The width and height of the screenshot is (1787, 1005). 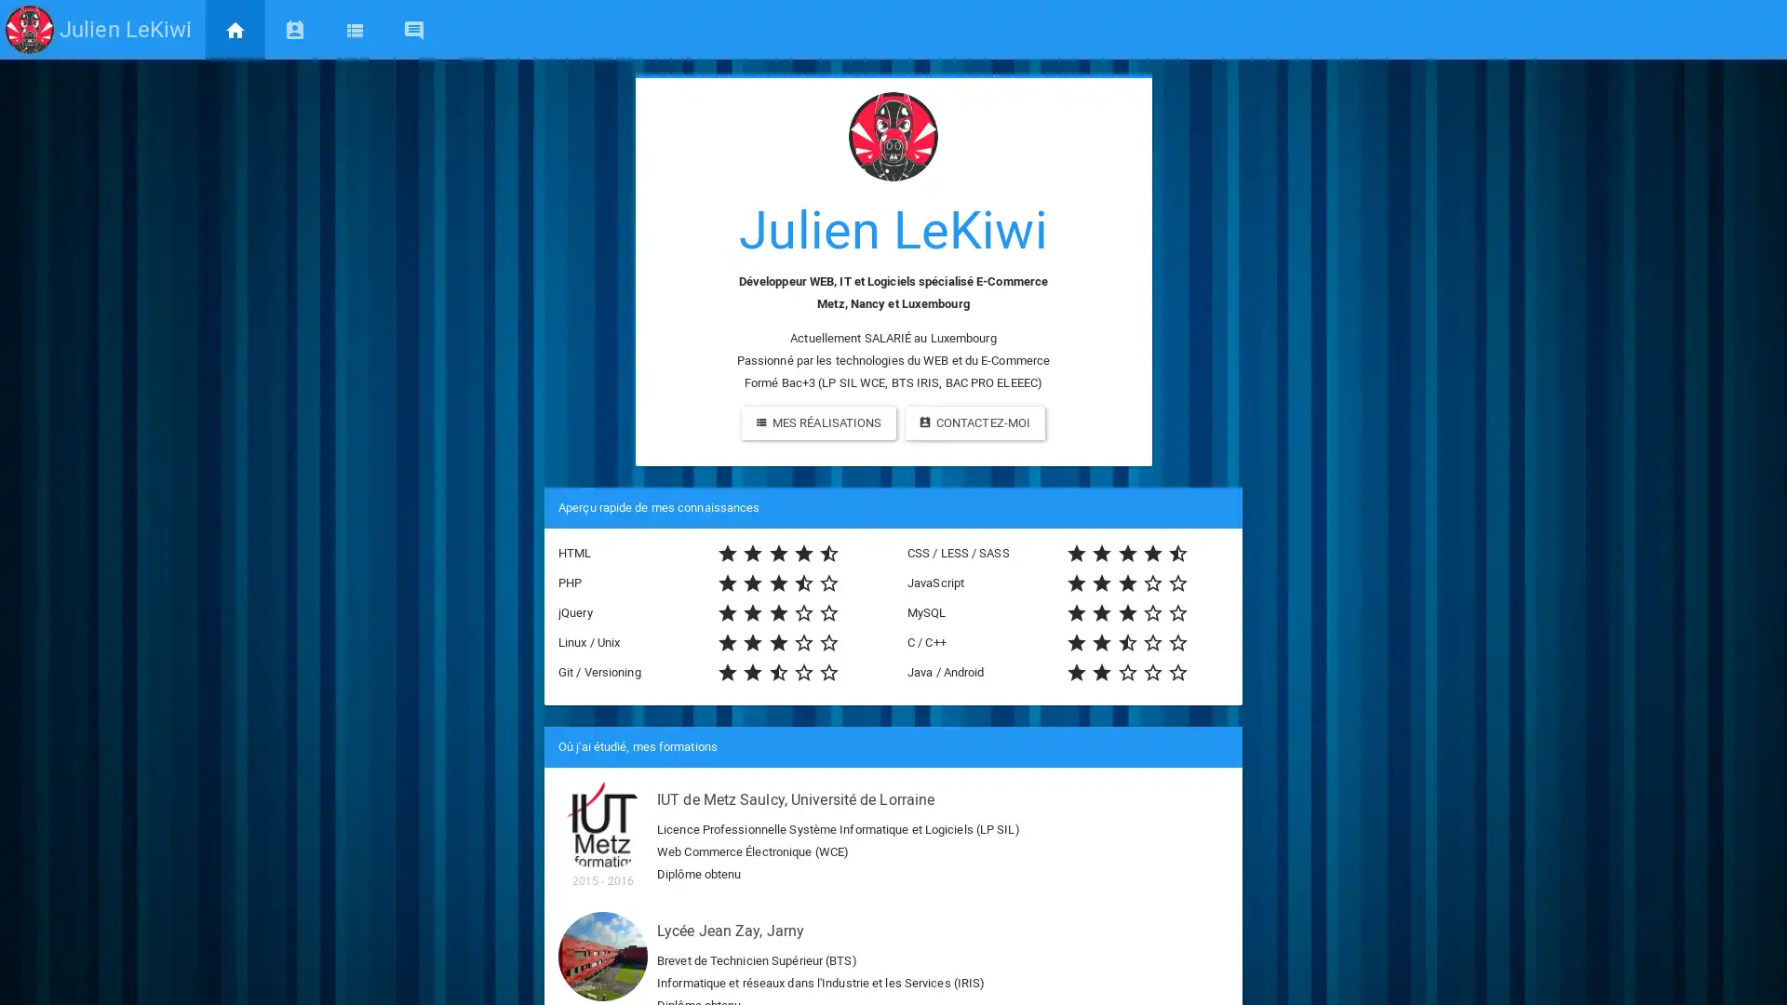 What do you see at coordinates (974, 423) in the screenshot?
I see `CONTACTEZ-MOI` at bounding box center [974, 423].